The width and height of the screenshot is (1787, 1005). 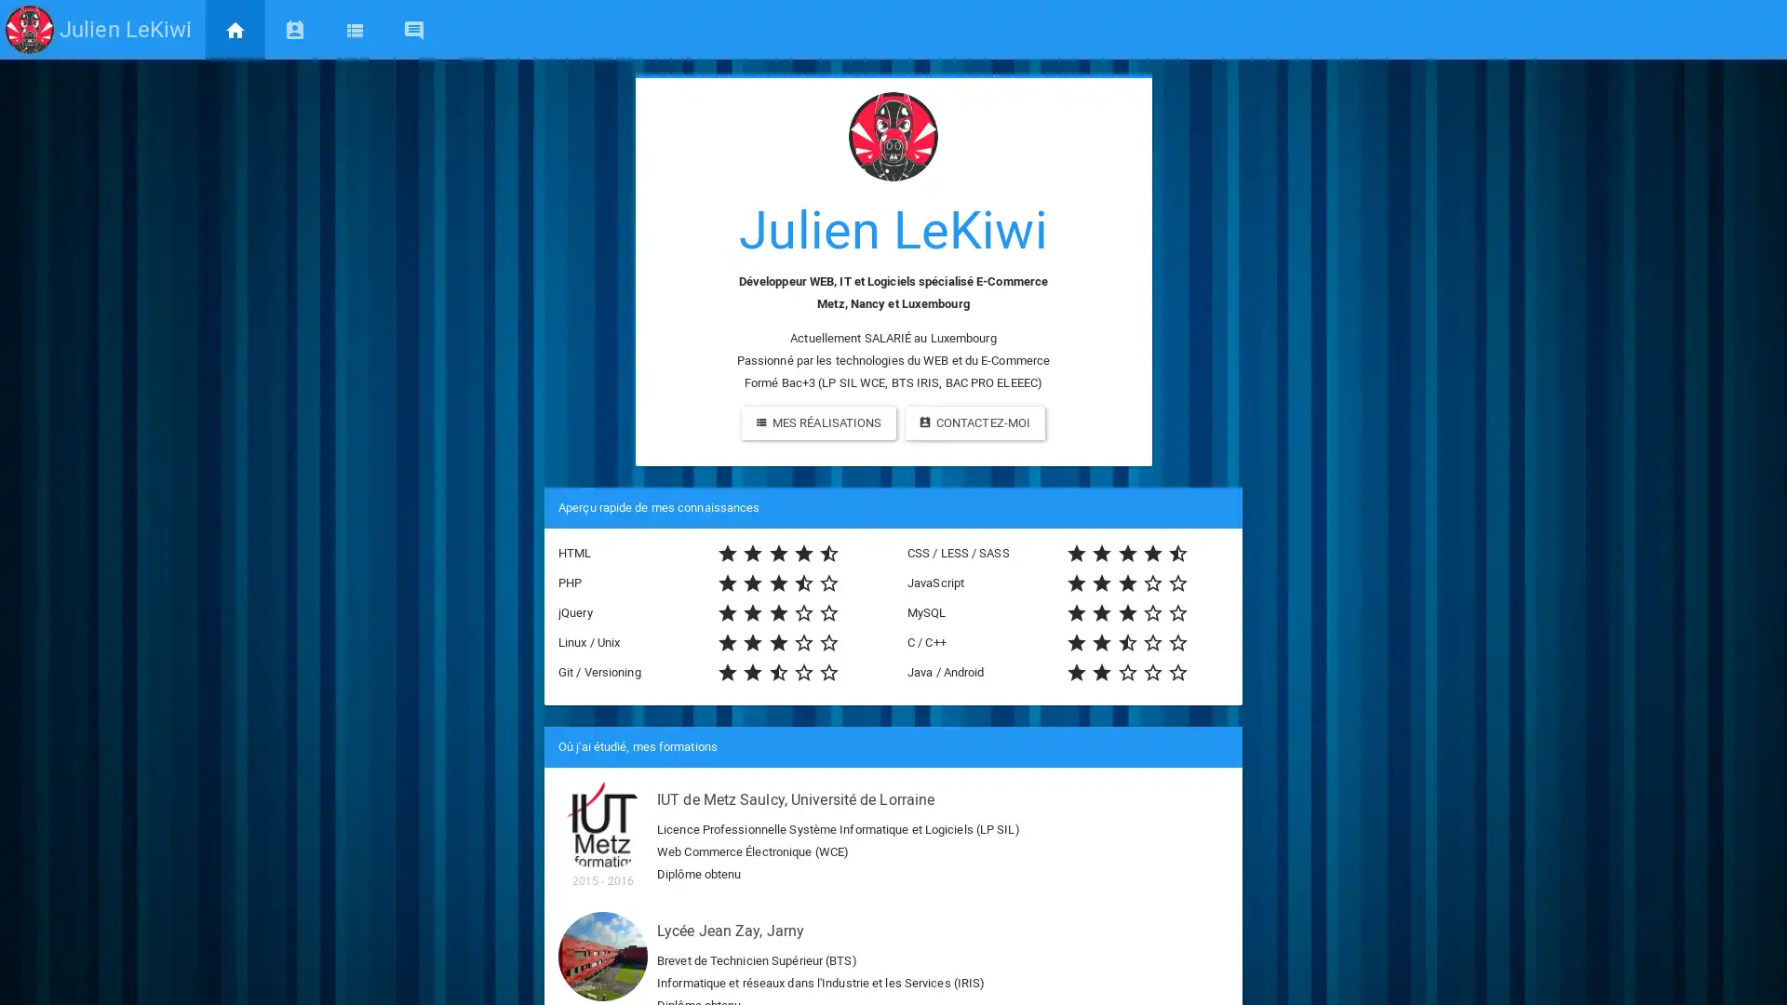 What do you see at coordinates (974, 423) in the screenshot?
I see `CONTACTEZ-MOI` at bounding box center [974, 423].